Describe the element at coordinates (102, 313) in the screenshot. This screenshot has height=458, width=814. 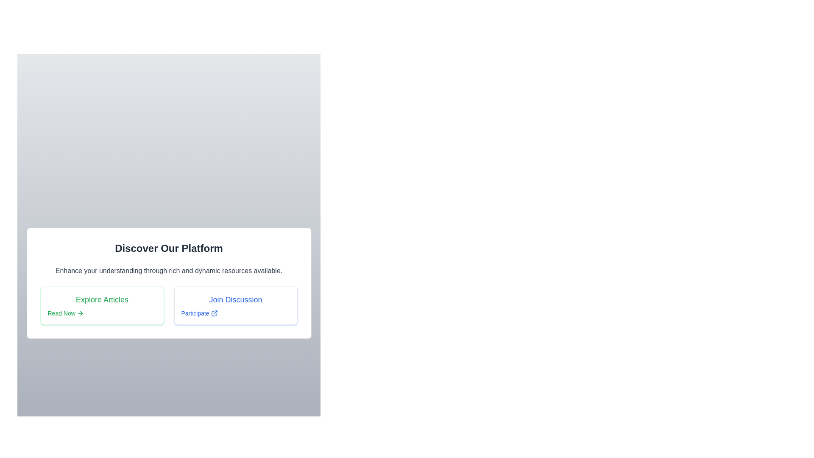
I see `the green 'Read Now' link located under the 'Explore Articles' headline` at that location.